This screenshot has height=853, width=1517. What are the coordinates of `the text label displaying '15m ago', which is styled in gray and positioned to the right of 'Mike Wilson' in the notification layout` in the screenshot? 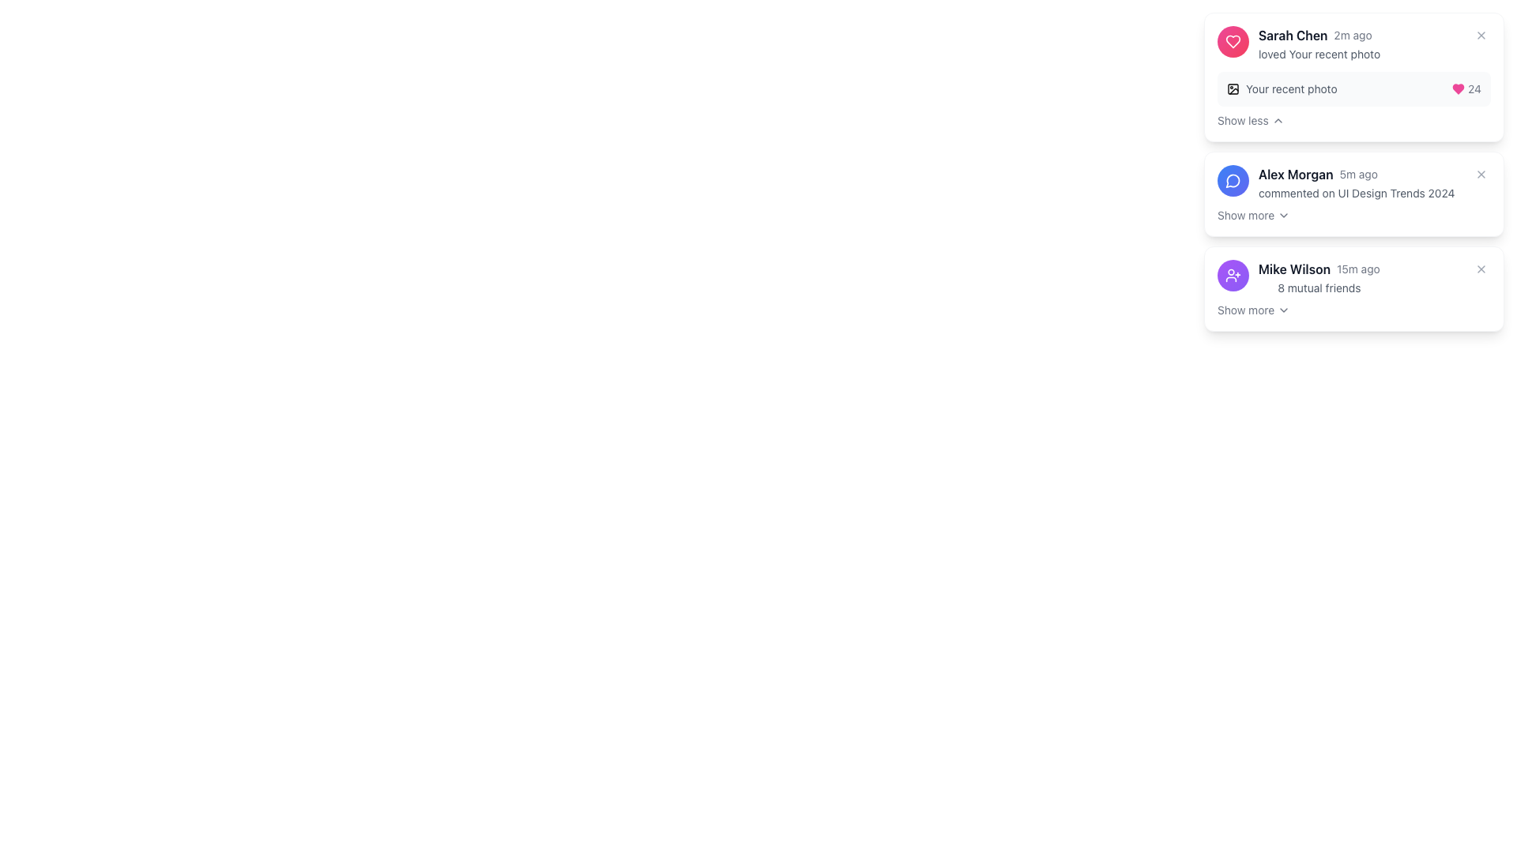 It's located at (1357, 268).